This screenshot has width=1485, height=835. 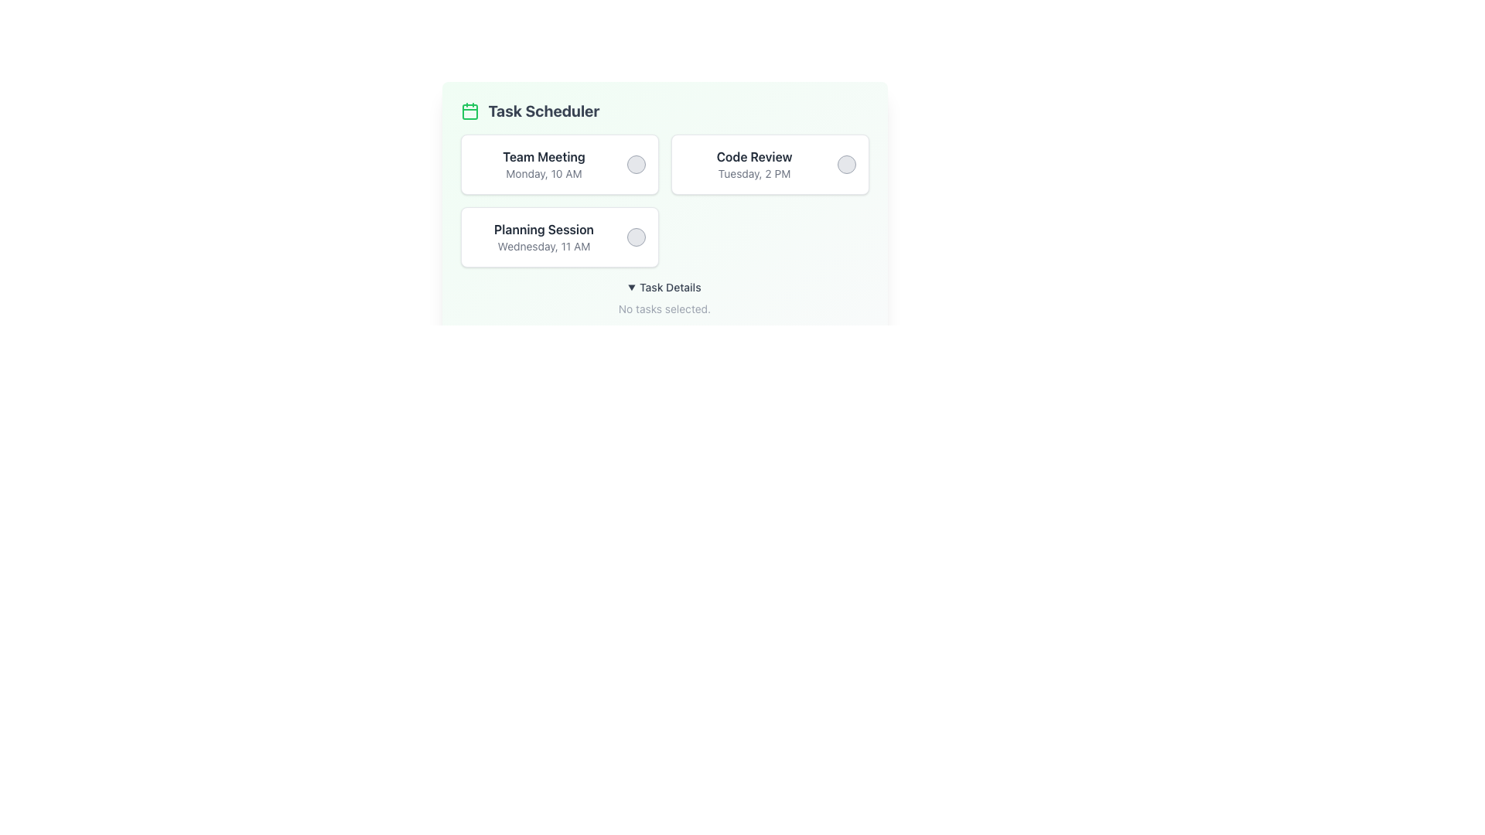 I want to click on the Text Display element that shows 'Planning Session' and 'Wednesday, 11 AM', so click(x=544, y=237).